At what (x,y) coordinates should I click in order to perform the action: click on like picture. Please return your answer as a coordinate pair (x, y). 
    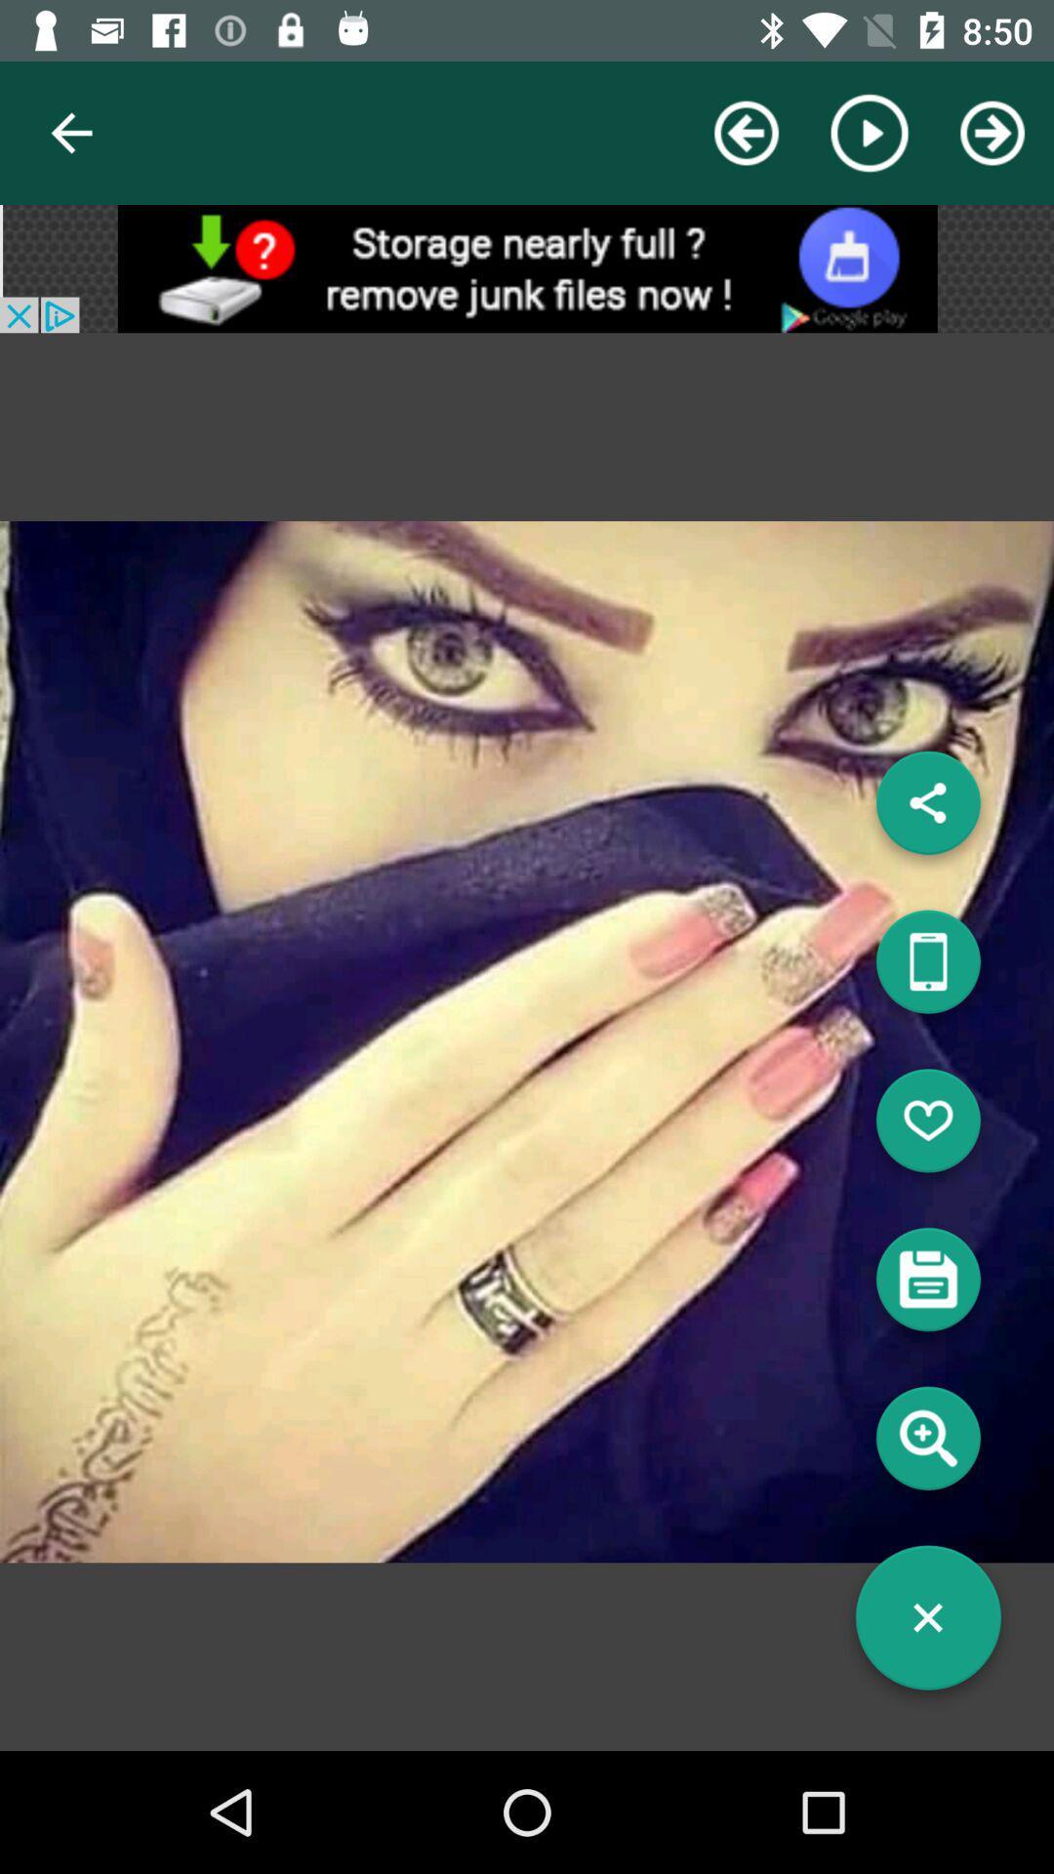
    Looking at the image, I should click on (927, 1128).